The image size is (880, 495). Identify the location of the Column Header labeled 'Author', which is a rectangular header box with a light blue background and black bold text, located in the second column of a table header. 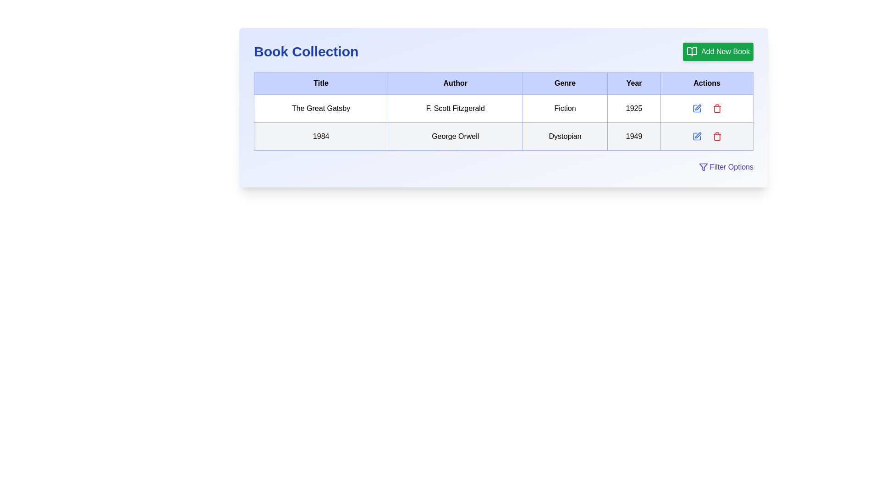
(455, 83).